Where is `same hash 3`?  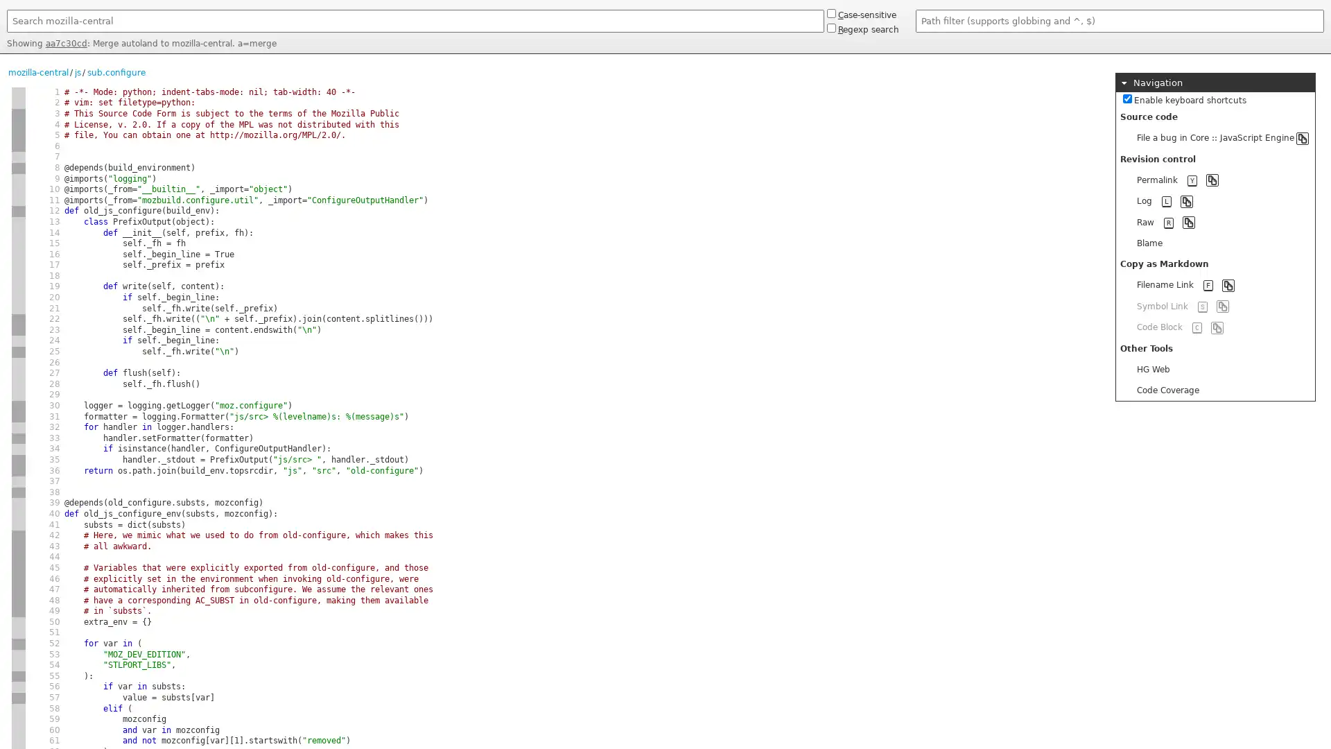 same hash 3 is located at coordinates (19, 416).